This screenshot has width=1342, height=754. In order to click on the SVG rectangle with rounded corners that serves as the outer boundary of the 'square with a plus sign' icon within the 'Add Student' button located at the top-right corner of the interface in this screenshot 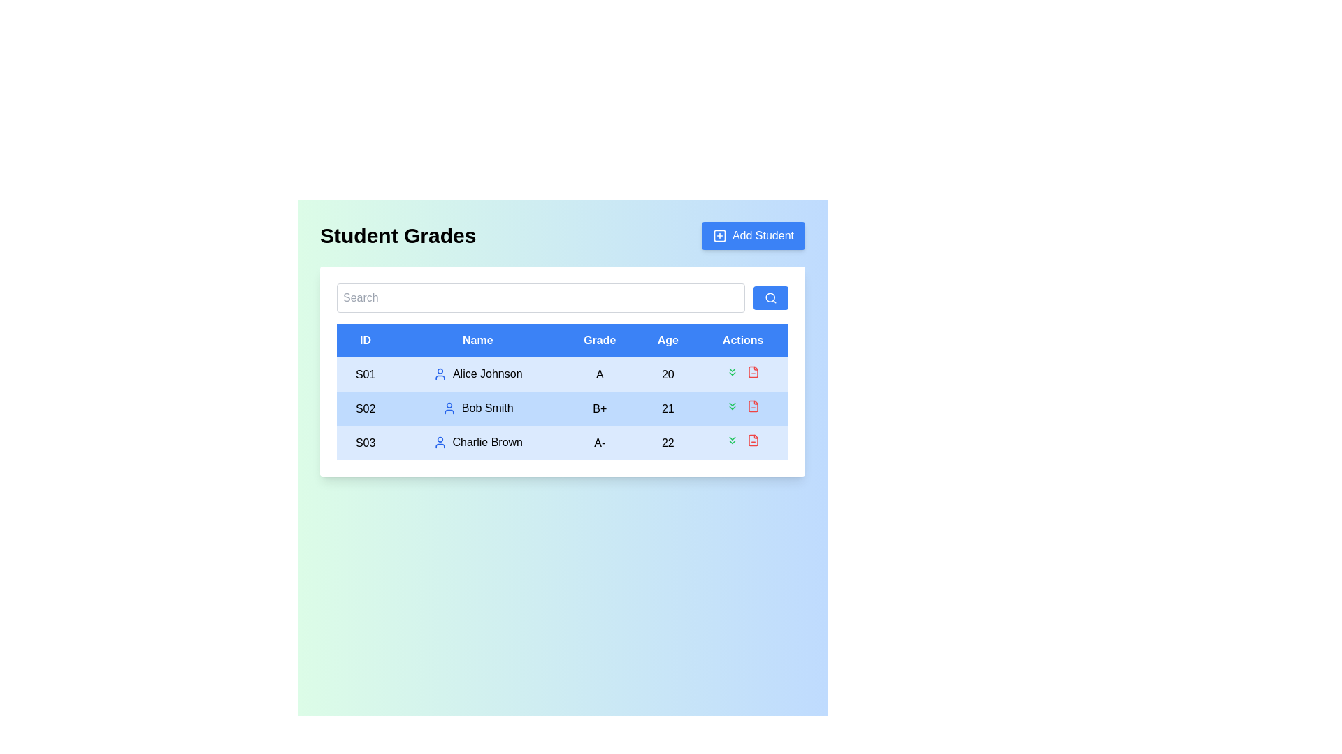, I will do `click(719, 235)`.